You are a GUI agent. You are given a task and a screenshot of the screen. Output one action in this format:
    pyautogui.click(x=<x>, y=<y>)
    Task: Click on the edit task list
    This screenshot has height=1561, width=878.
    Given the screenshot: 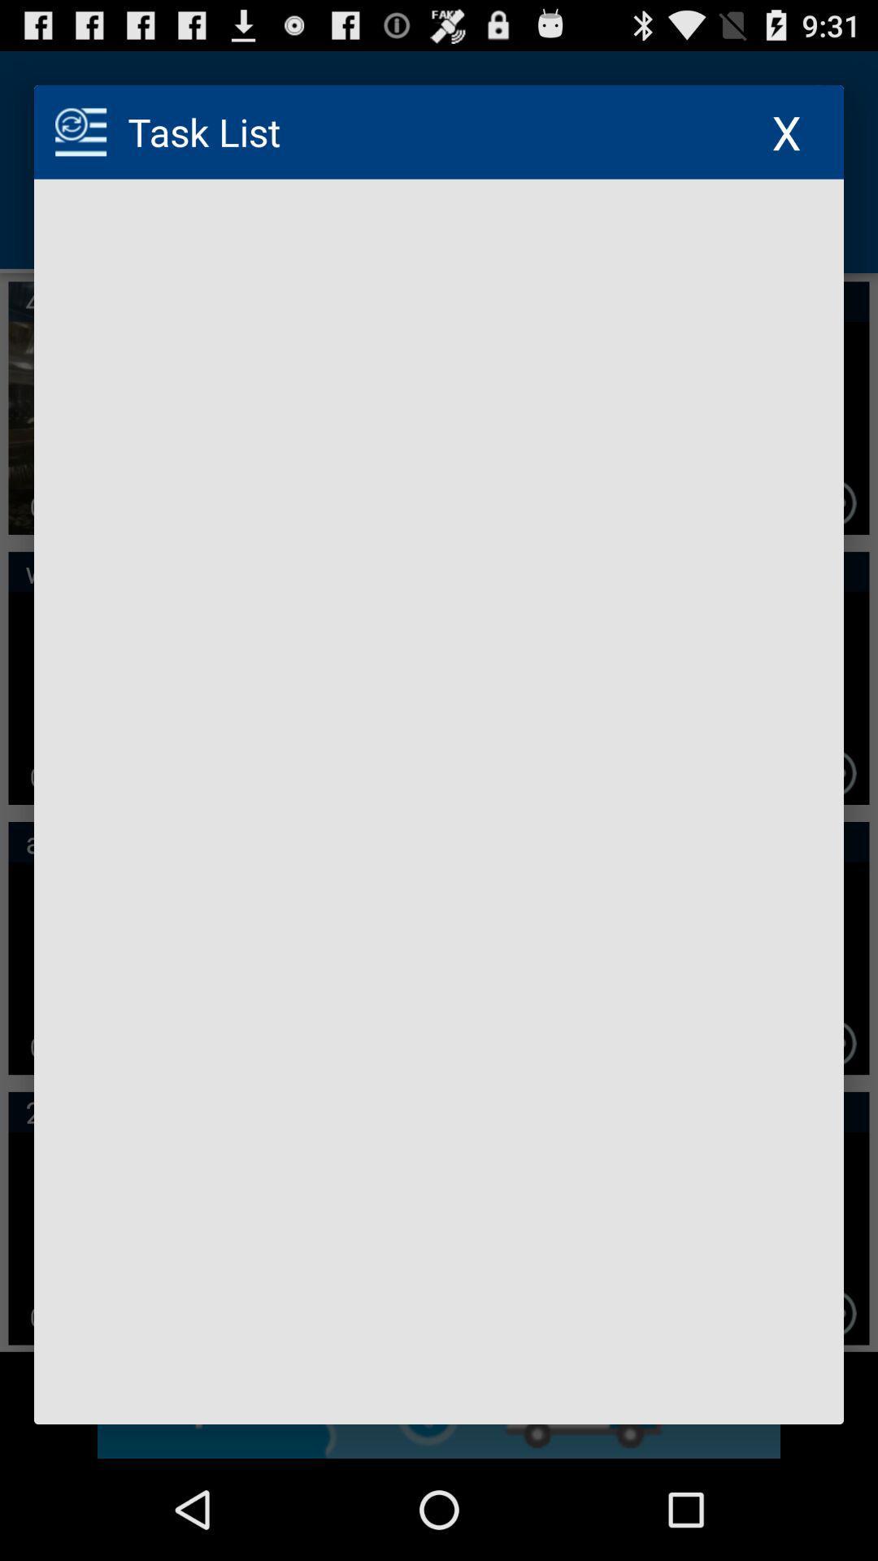 What is the action you would take?
    pyautogui.click(x=439, y=802)
    